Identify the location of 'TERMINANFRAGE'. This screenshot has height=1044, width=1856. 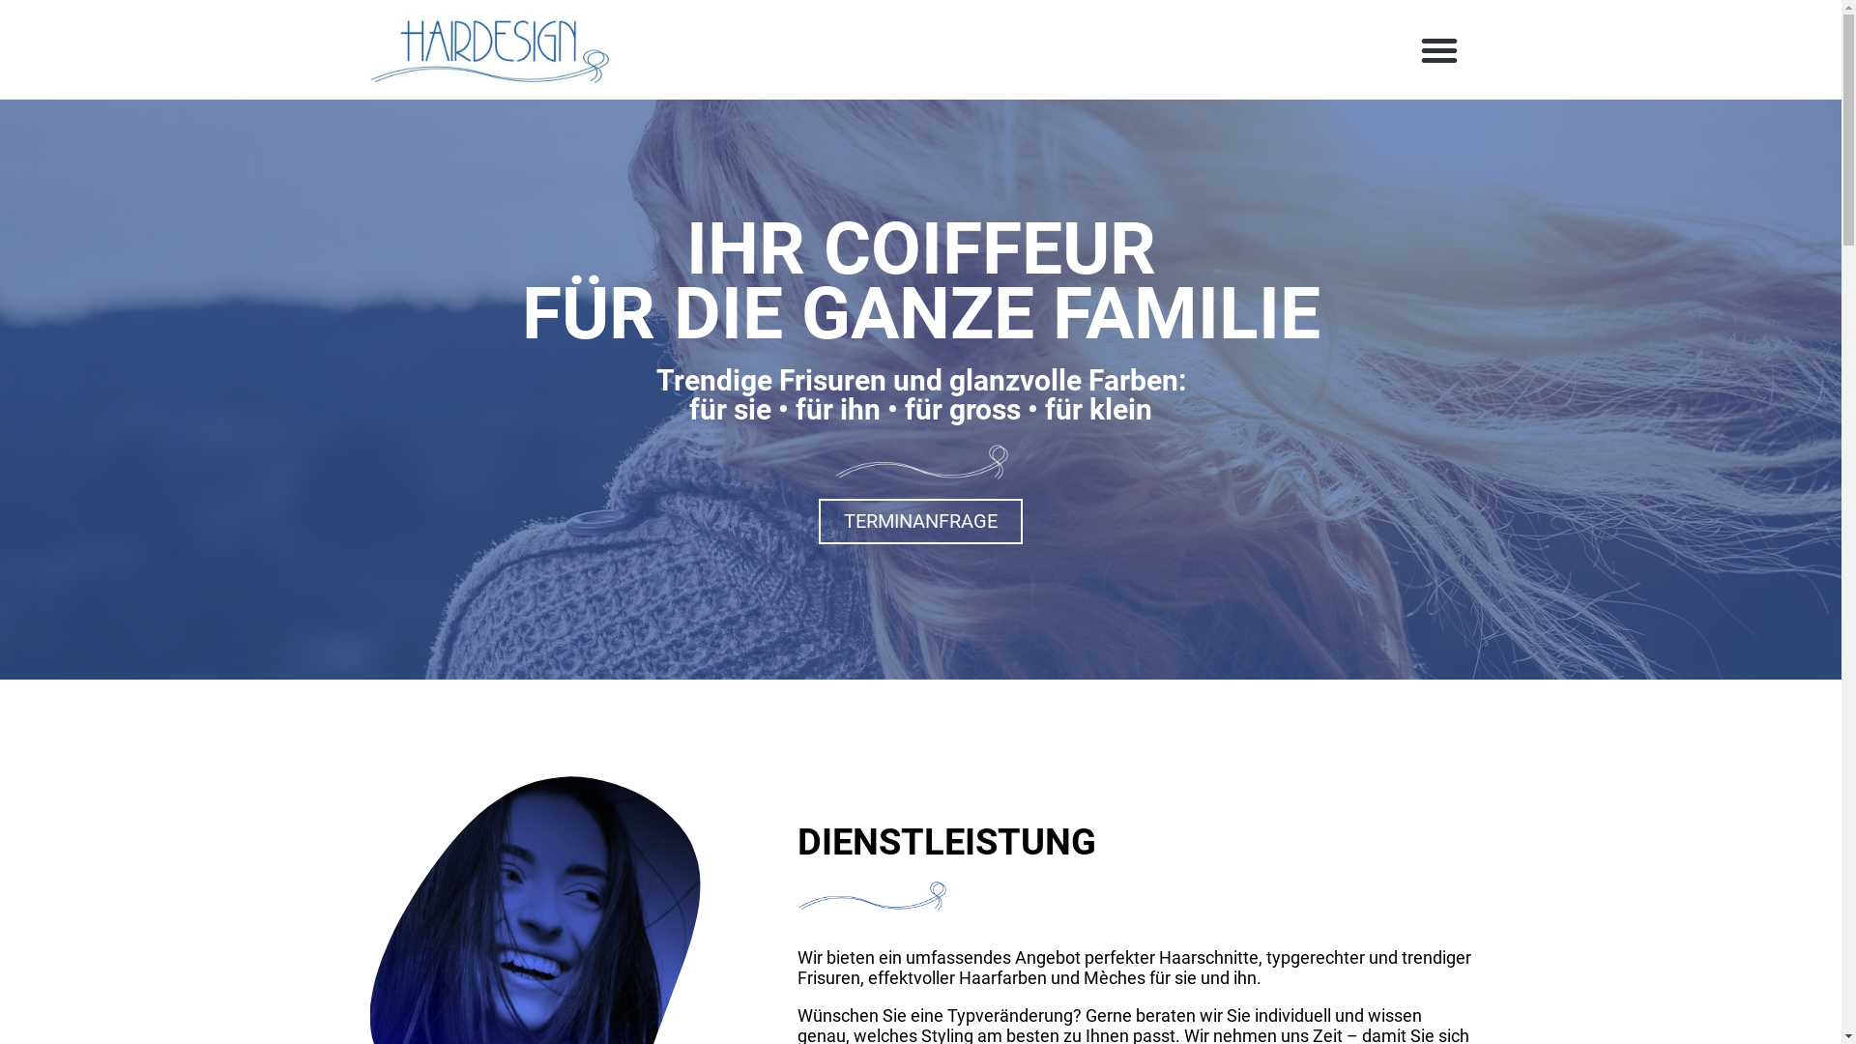
(919, 522).